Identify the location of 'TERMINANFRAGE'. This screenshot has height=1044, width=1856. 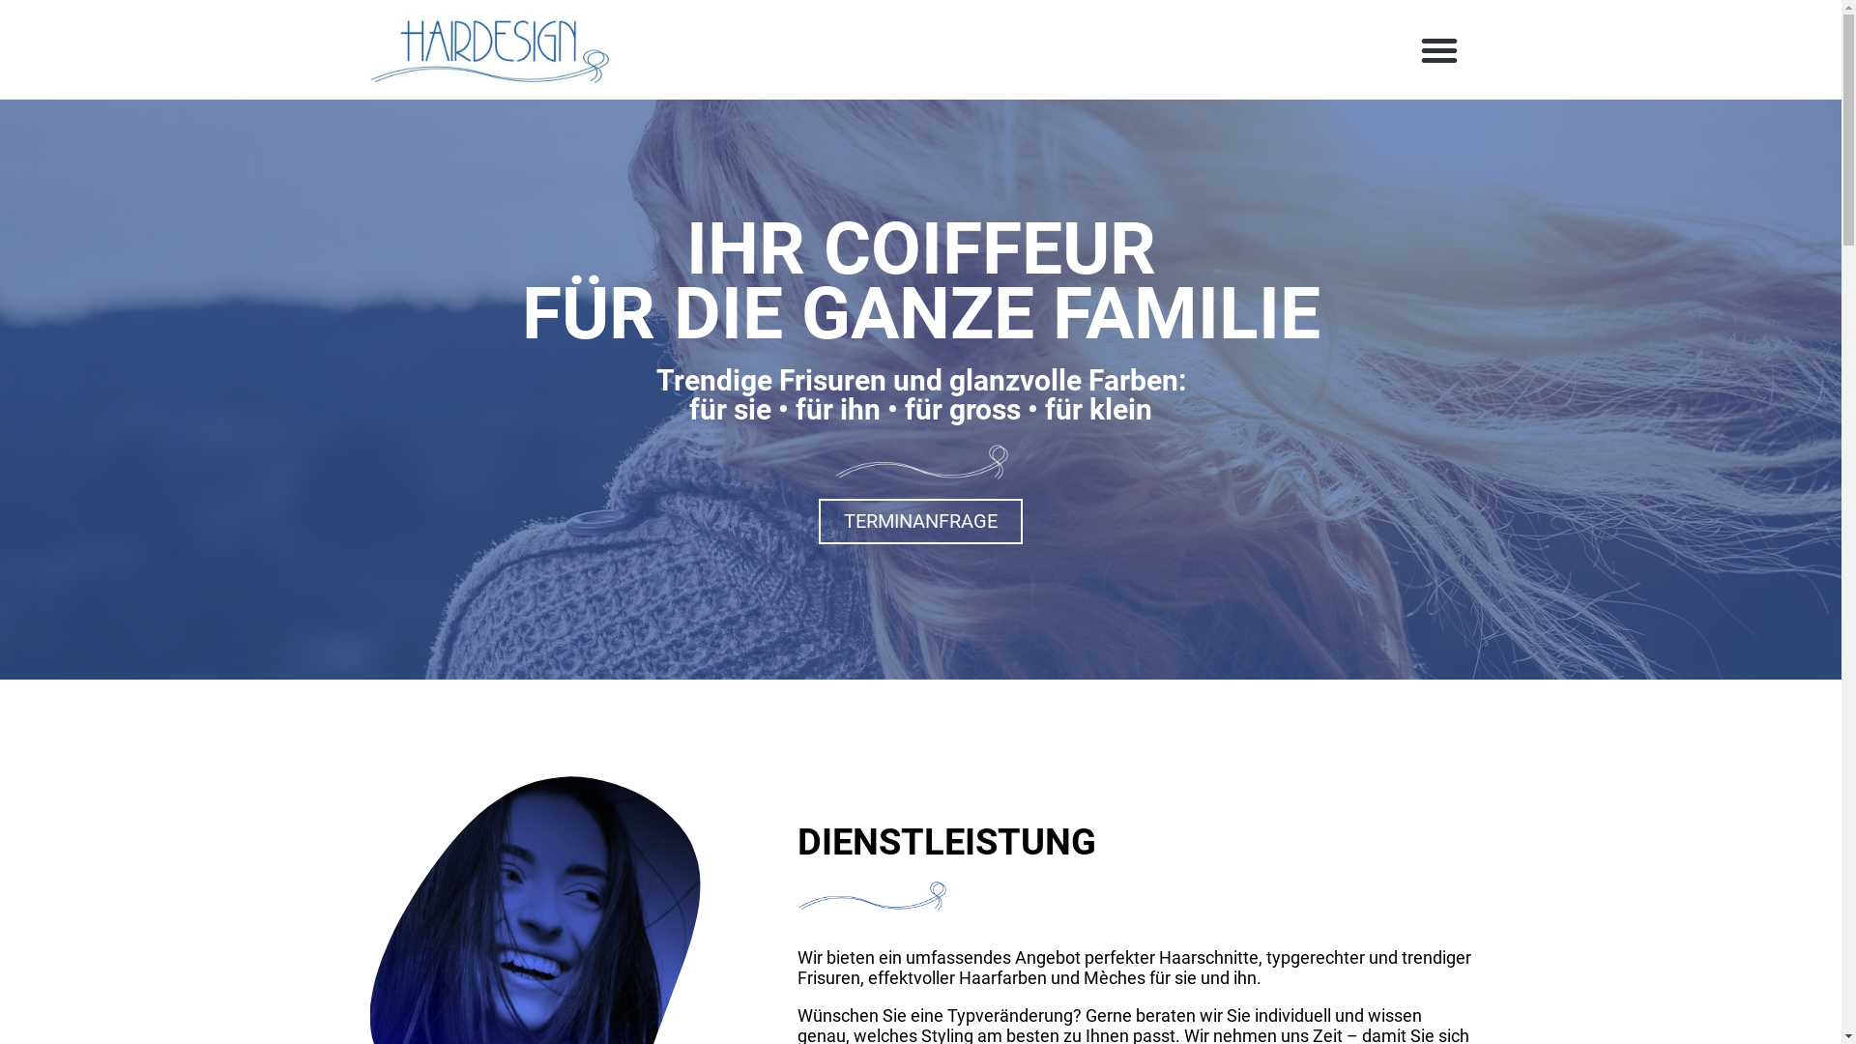
(919, 522).